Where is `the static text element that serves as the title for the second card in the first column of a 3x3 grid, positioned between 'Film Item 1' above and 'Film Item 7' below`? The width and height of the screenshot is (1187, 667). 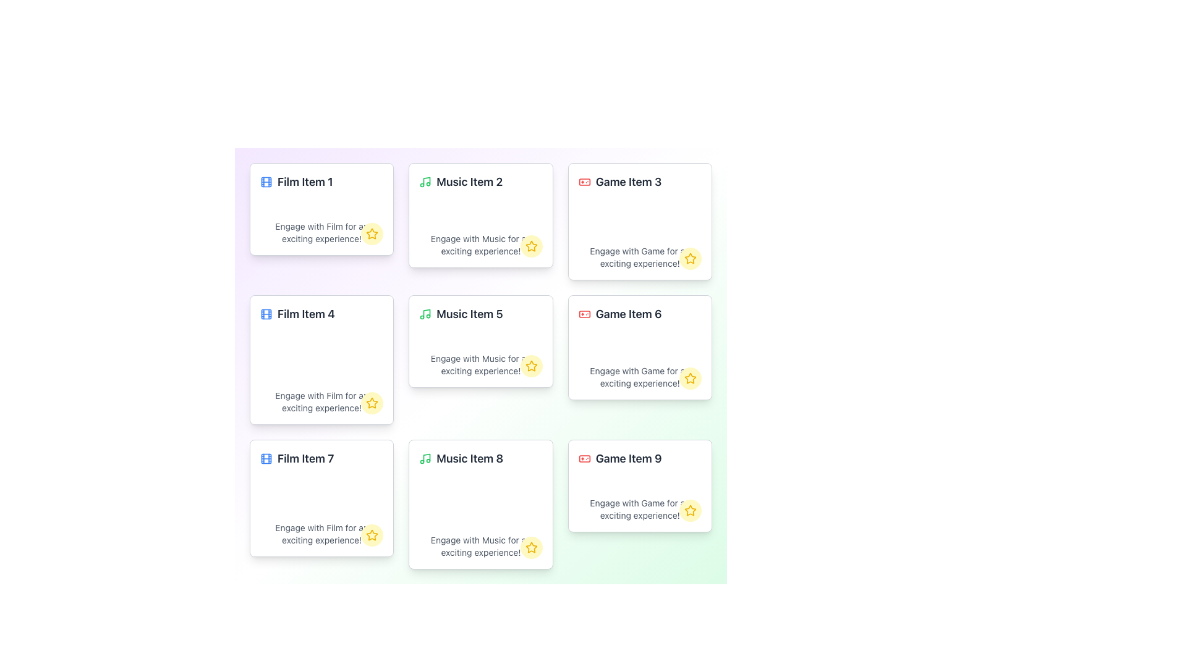
the static text element that serves as the title for the second card in the first column of a 3x3 grid, positioned between 'Film Item 1' above and 'Film Item 7' below is located at coordinates (306, 314).